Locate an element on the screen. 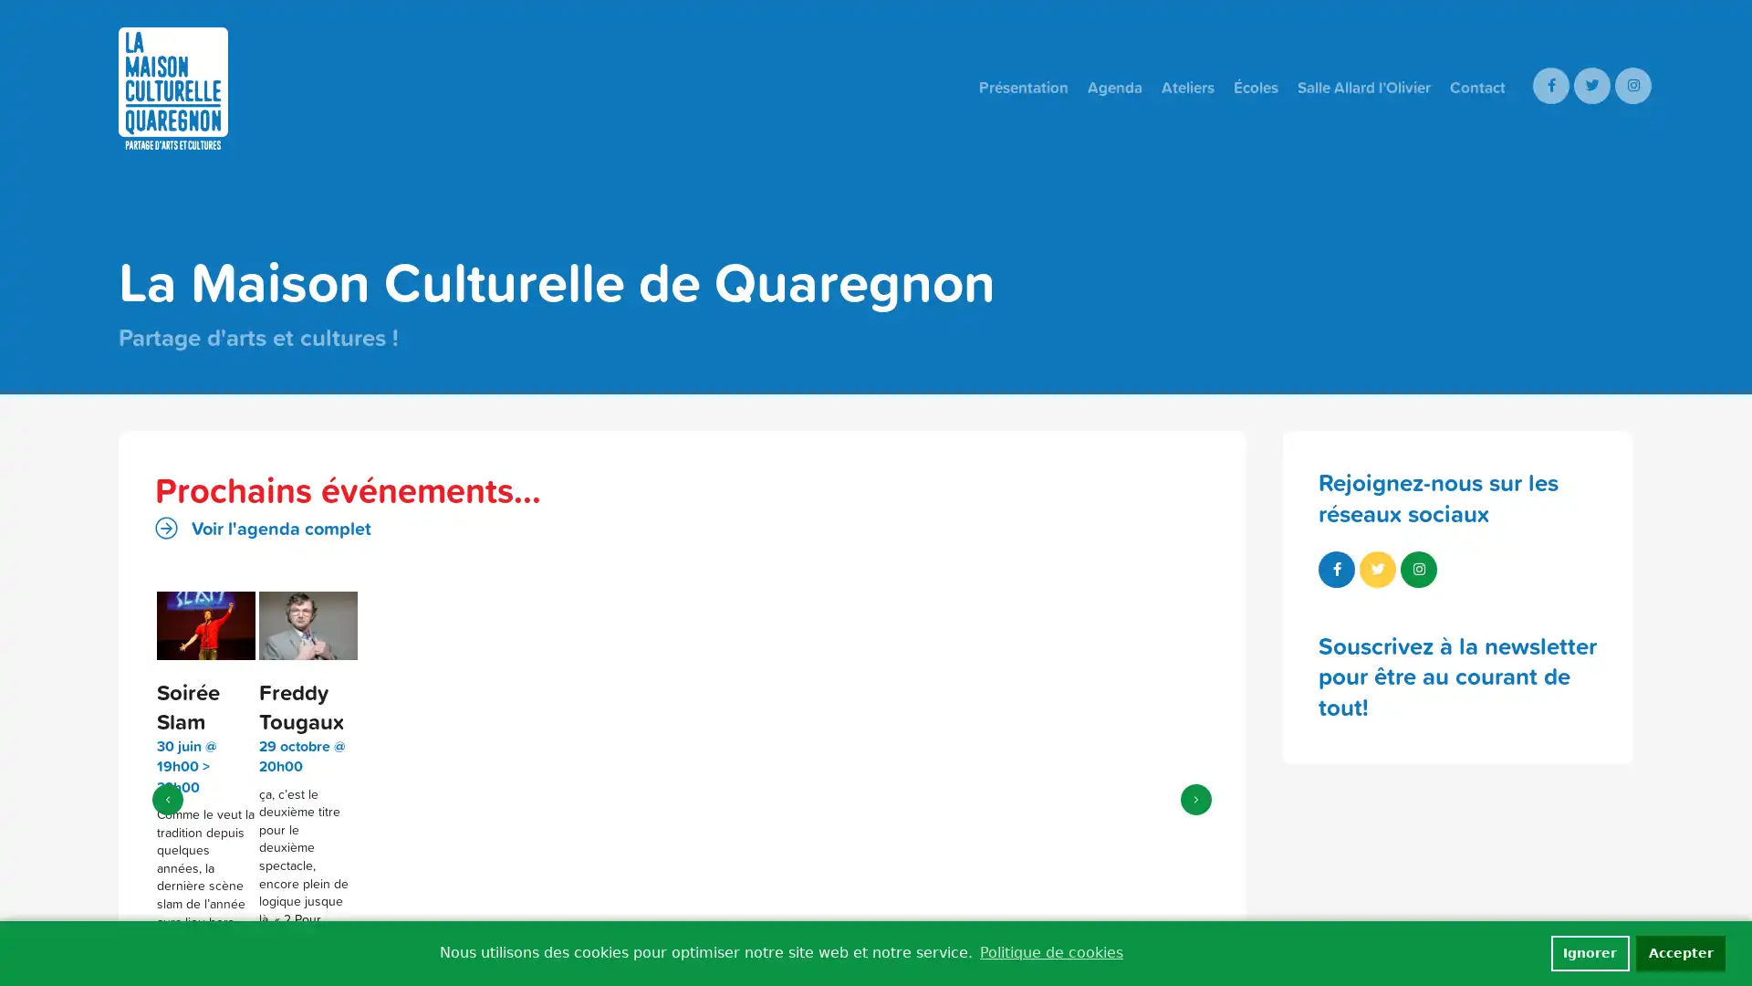  Next is located at coordinates (1195, 788).